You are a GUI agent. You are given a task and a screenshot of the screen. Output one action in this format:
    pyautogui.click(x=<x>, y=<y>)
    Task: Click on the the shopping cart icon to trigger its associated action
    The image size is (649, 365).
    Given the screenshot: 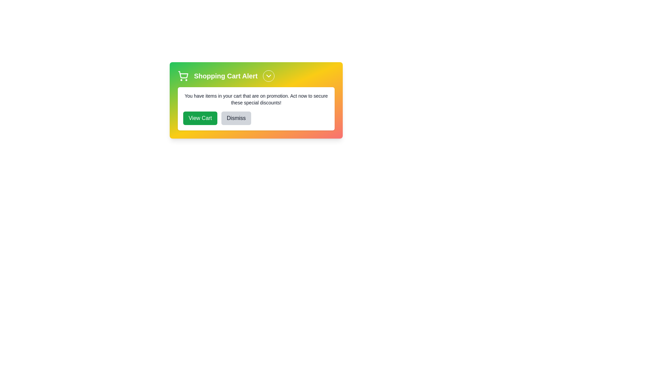 What is the action you would take?
    pyautogui.click(x=183, y=76)
    